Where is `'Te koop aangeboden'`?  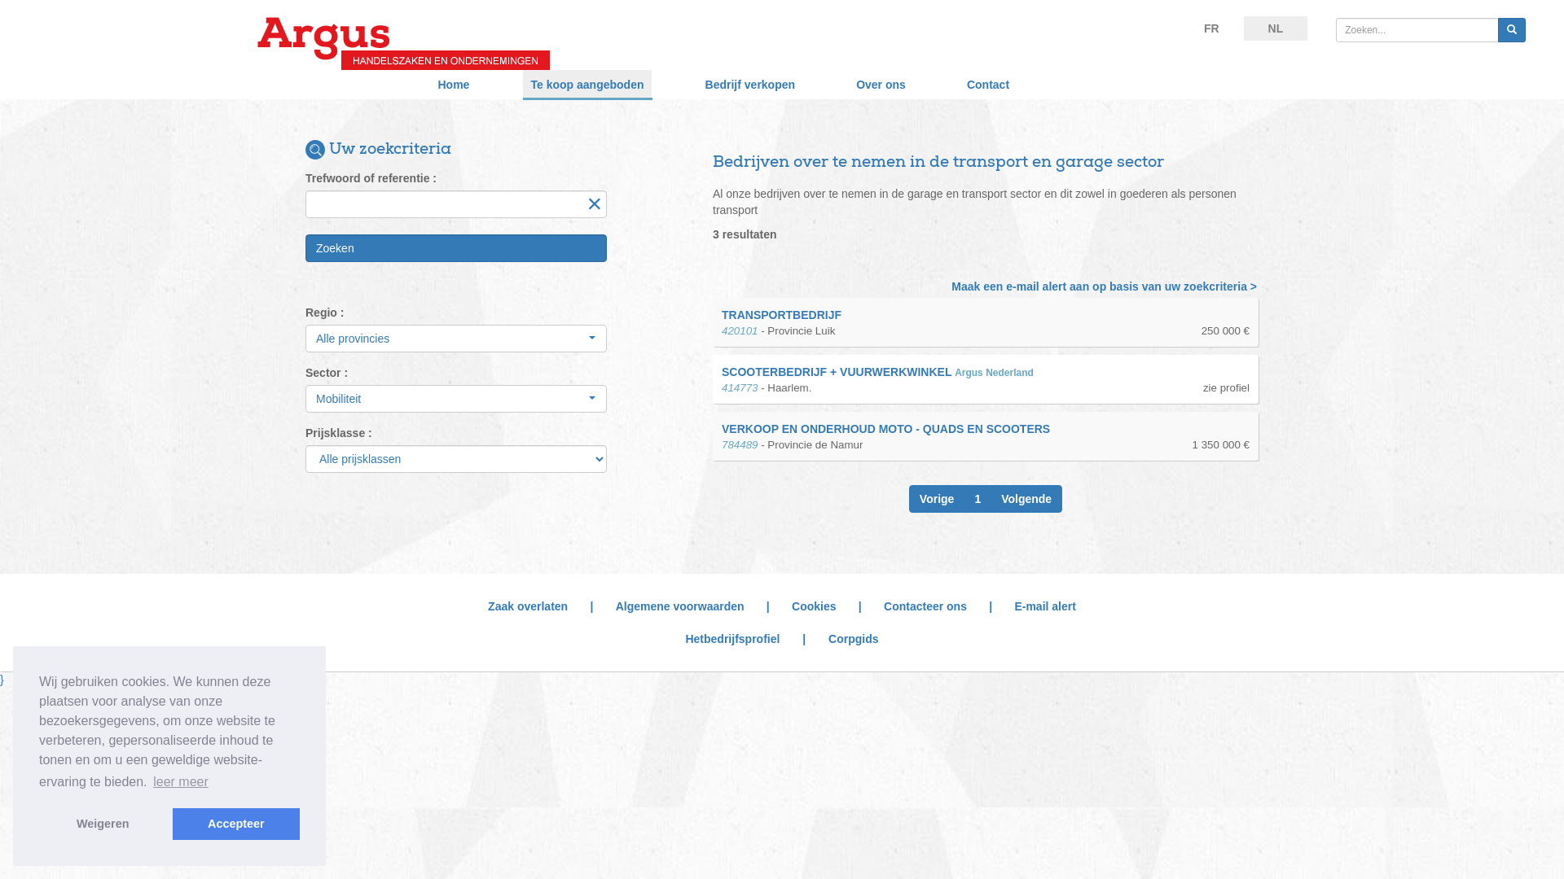
'Te koop aangeboden' is located at coordinates (586, 85).